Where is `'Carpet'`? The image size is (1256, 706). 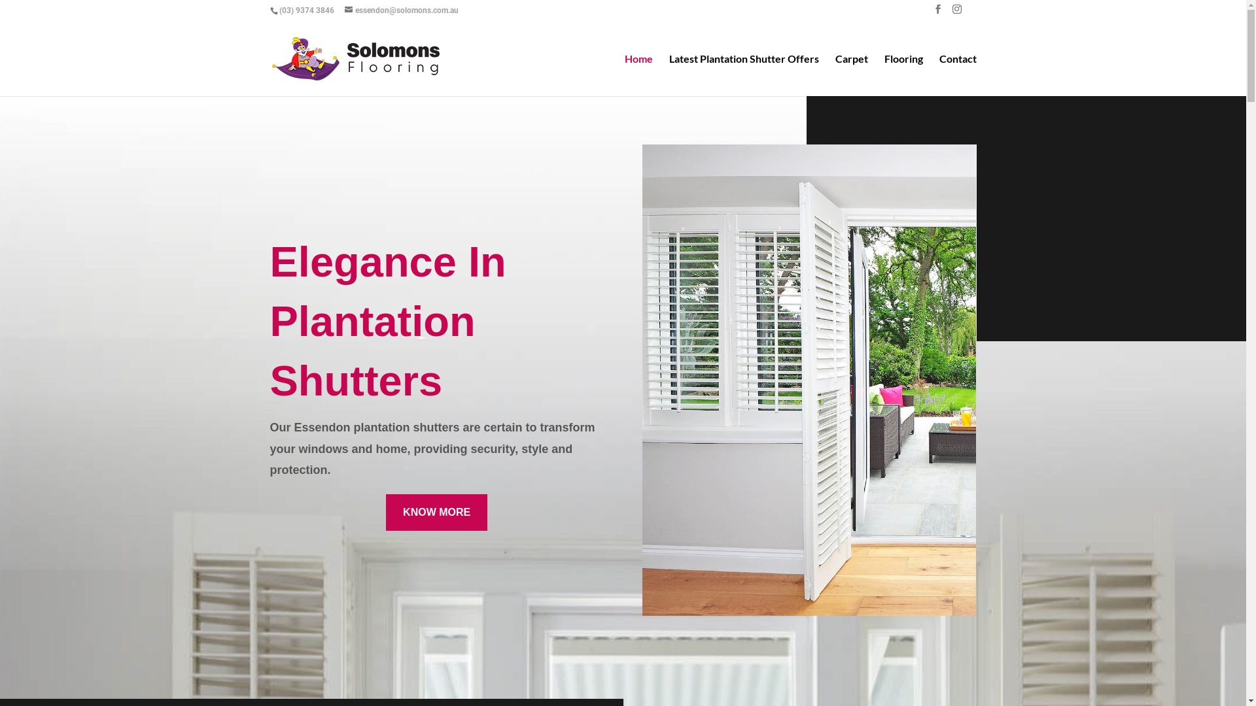 'Carpet' is located at coordinates (834, 75).